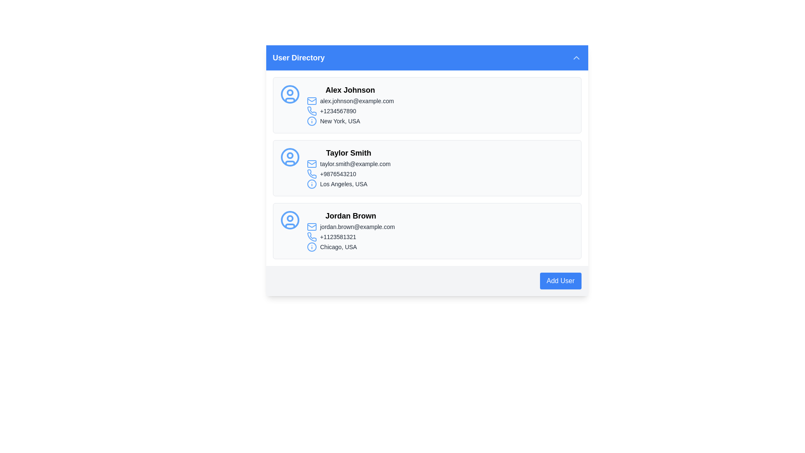  What do you see at coordinates (350, 121) in the screenshot?
I see `the blue icon next to the location text 'New York, USA' in the user details card for 'Alex Johnson'` at bounding box center [350, 121].